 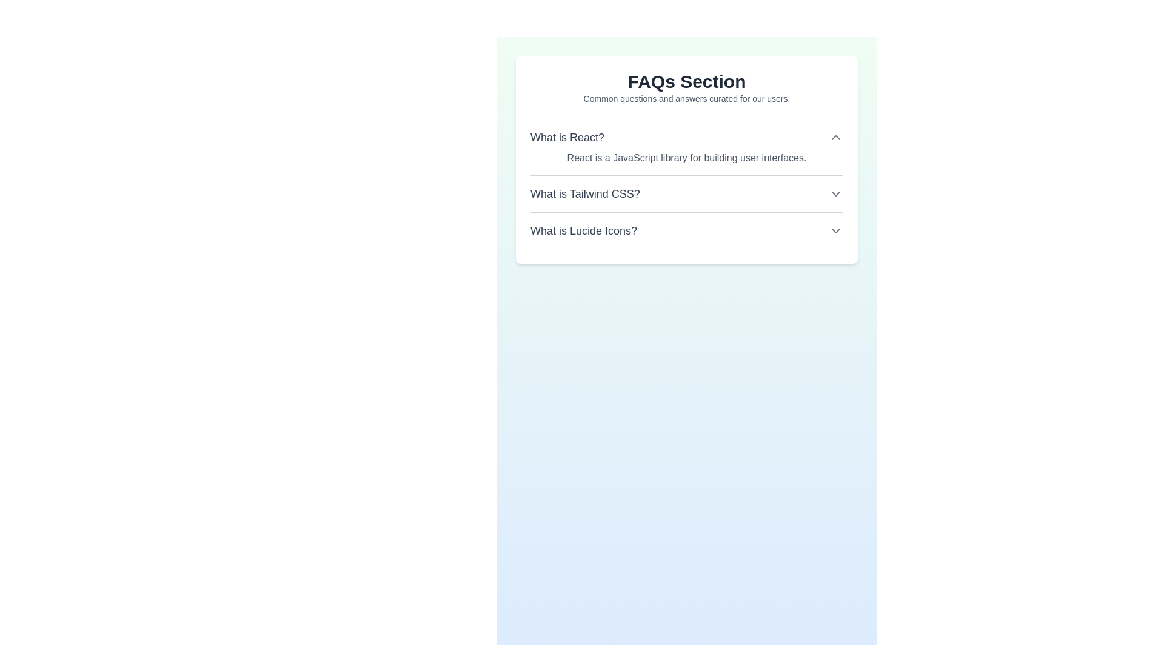 What do you see at coordinates (584, 231) in the screenshot?
I see `the clickable question text element about 'Lucide Icons' in the FAQ list` at bounding box center [584, 231].